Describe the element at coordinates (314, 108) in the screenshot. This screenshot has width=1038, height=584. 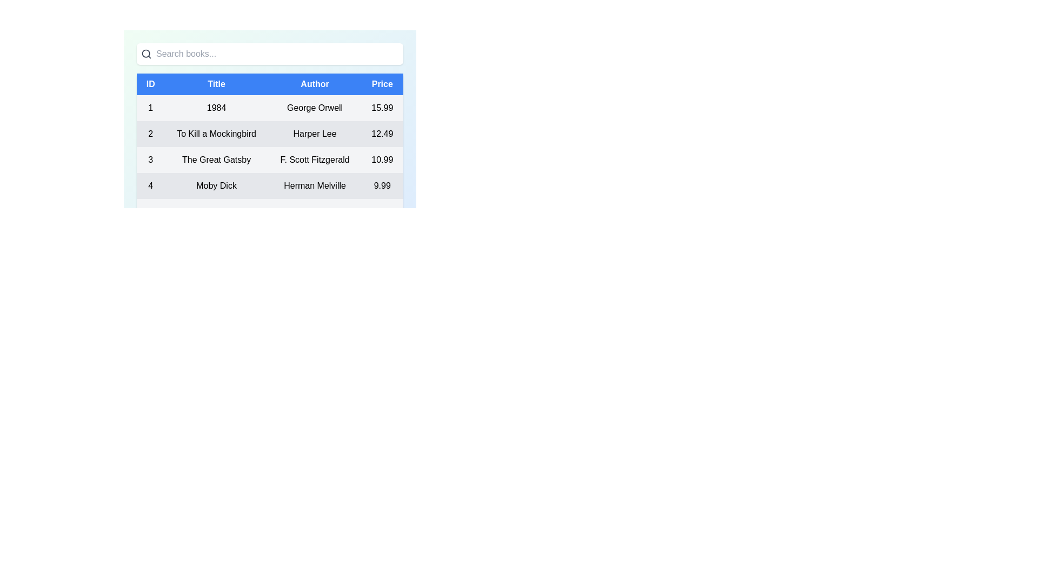
I see `the text label displaying 'George Orwell'` at that location.